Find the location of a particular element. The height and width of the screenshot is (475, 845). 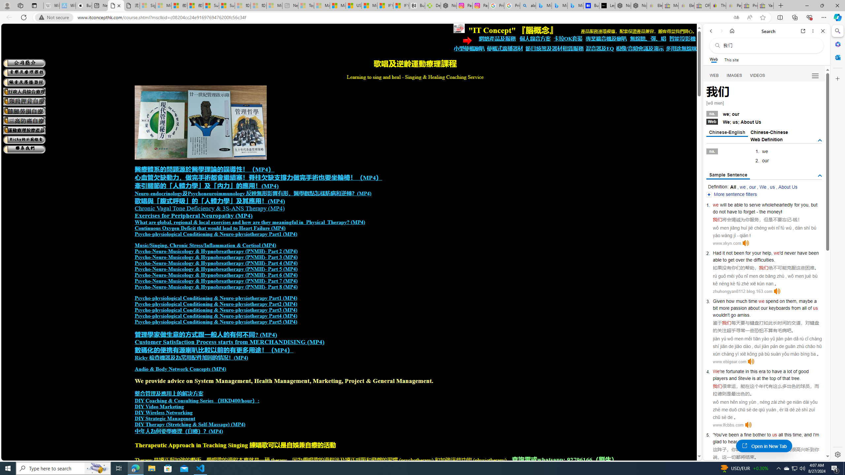

'serve' is located at coordinates (755, 205).